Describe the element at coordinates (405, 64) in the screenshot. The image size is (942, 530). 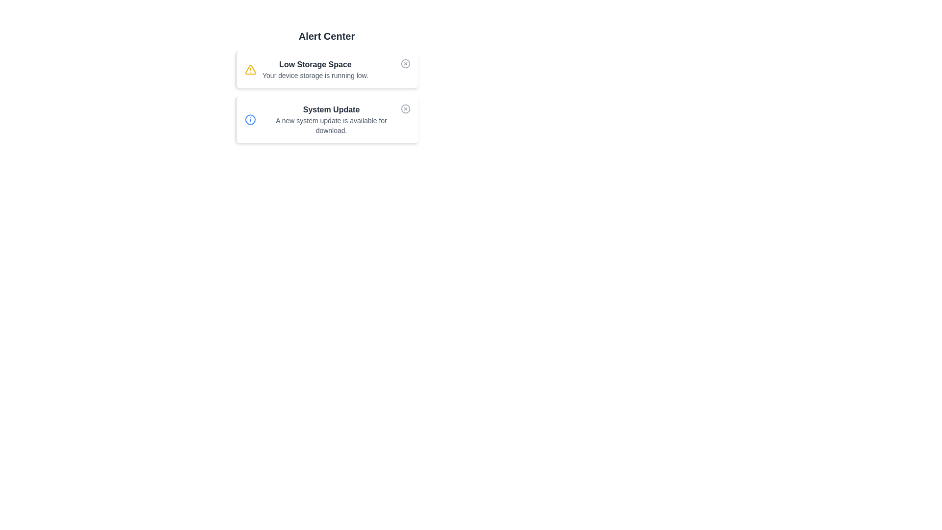
I see `the dismiss button for the alert titled 'Low Storage Space'` at that location.